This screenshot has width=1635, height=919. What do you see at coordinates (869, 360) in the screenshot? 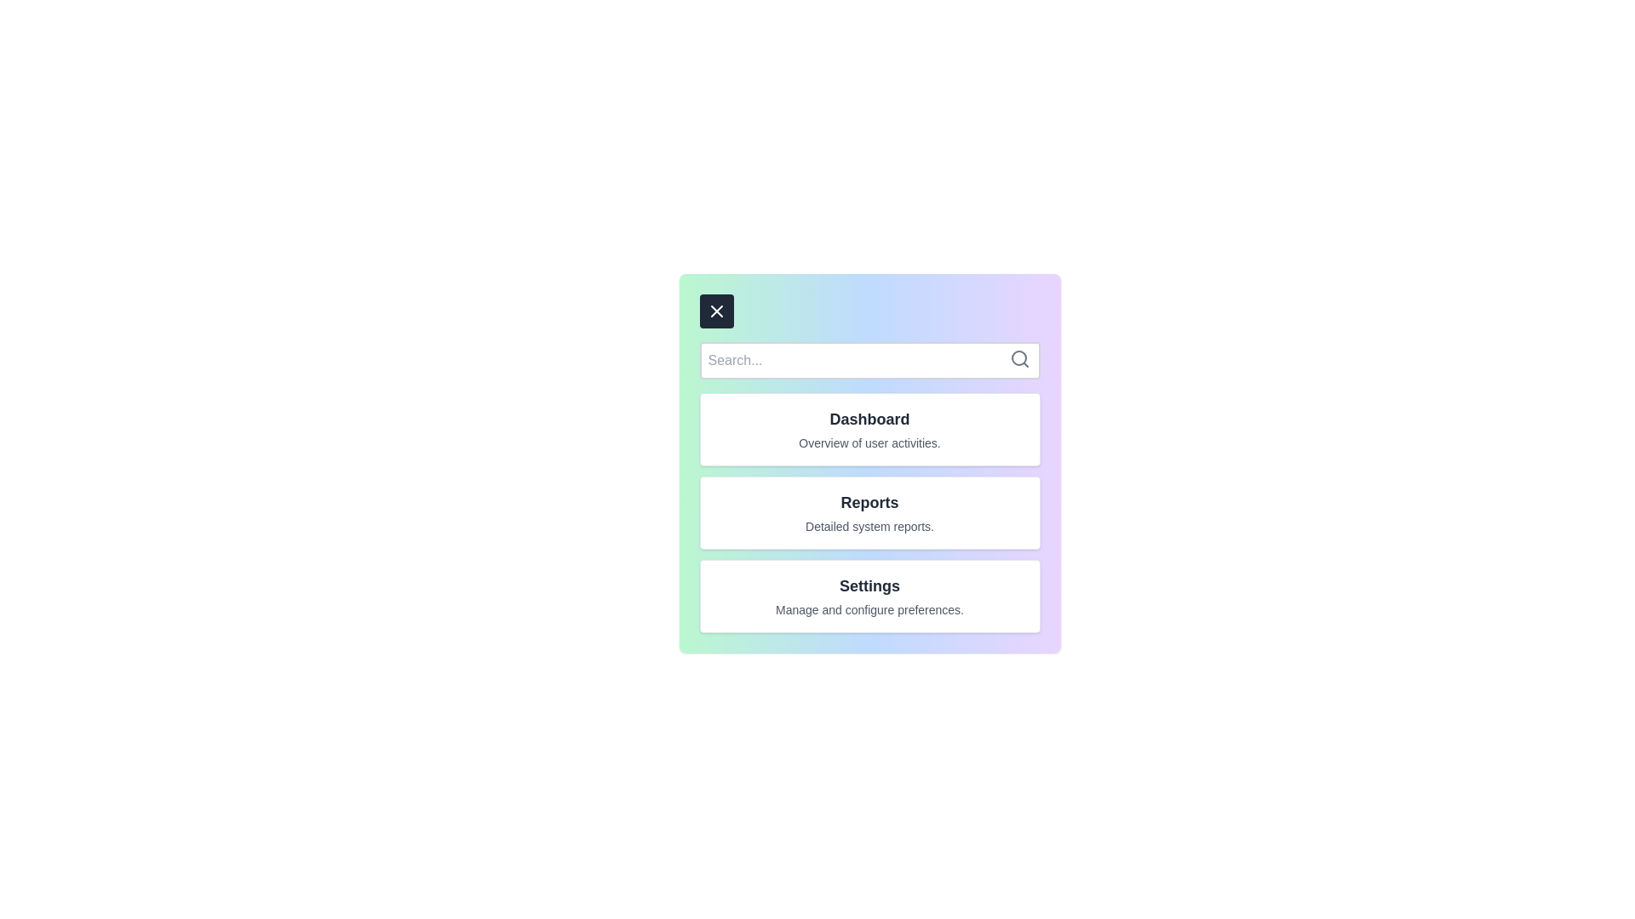
I see `the search field and type the text 'example'` at bounding box center [869, 360].